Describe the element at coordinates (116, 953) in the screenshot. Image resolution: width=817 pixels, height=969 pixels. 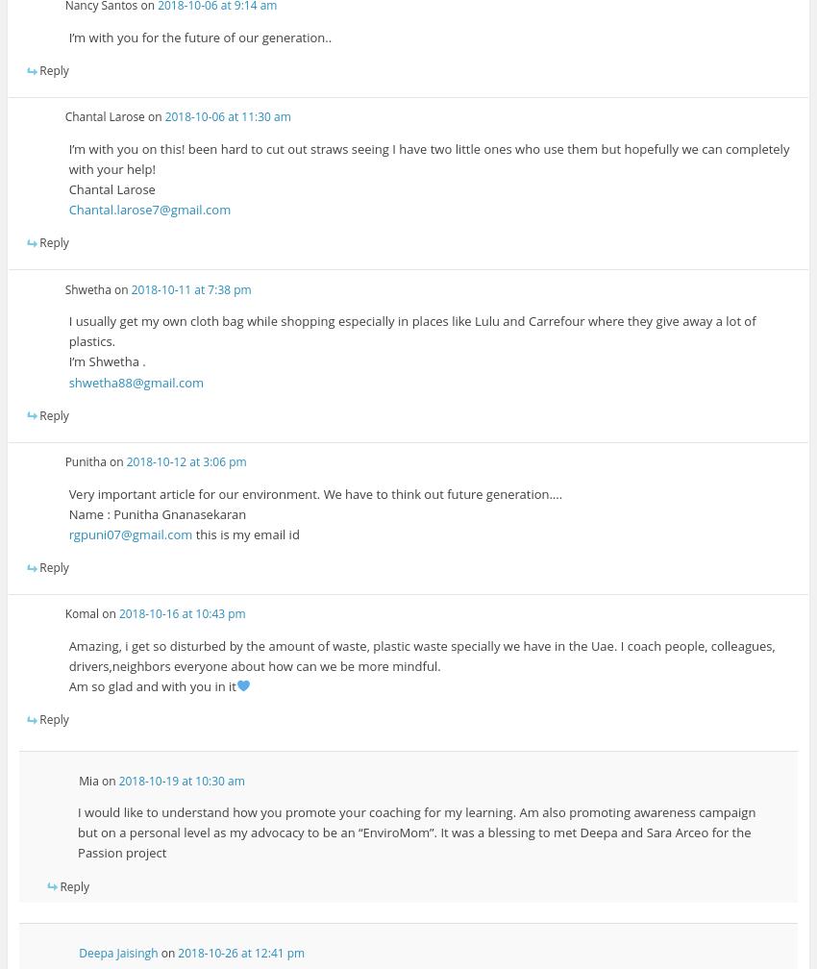
I see `'Deepa Jaisingh'` at that location.